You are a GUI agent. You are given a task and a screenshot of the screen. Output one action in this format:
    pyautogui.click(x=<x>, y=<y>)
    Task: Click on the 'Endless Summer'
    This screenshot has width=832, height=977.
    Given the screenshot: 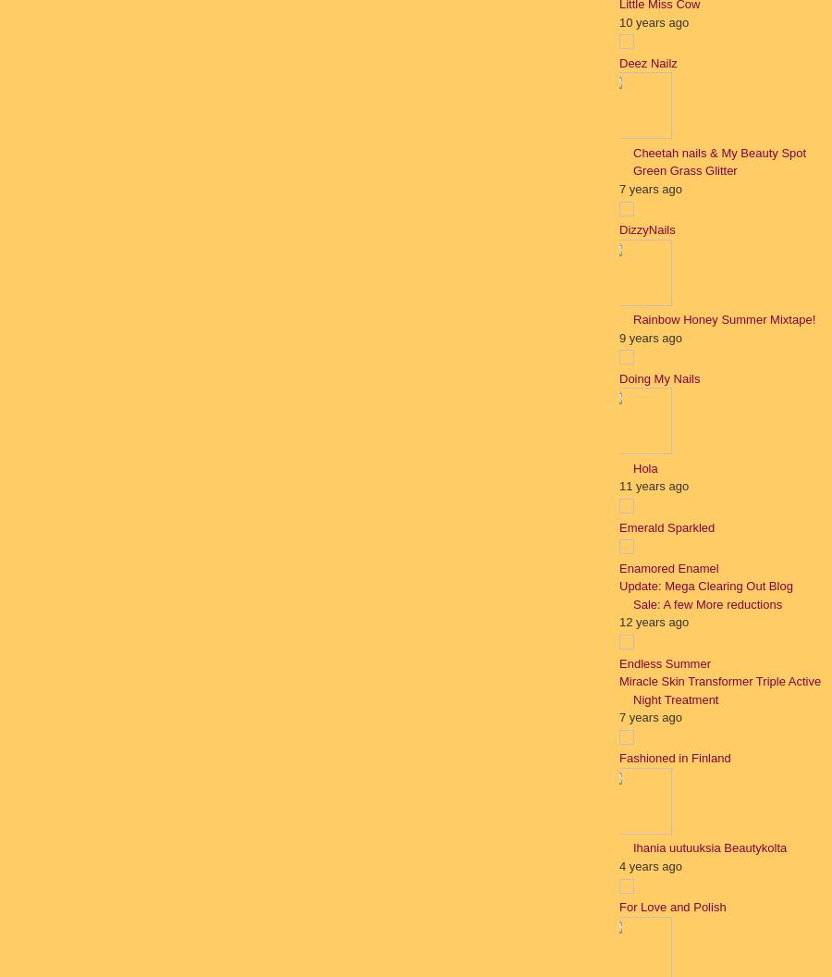 What is the action you would take?
    pyautogui.click(x=664, y=662)
    